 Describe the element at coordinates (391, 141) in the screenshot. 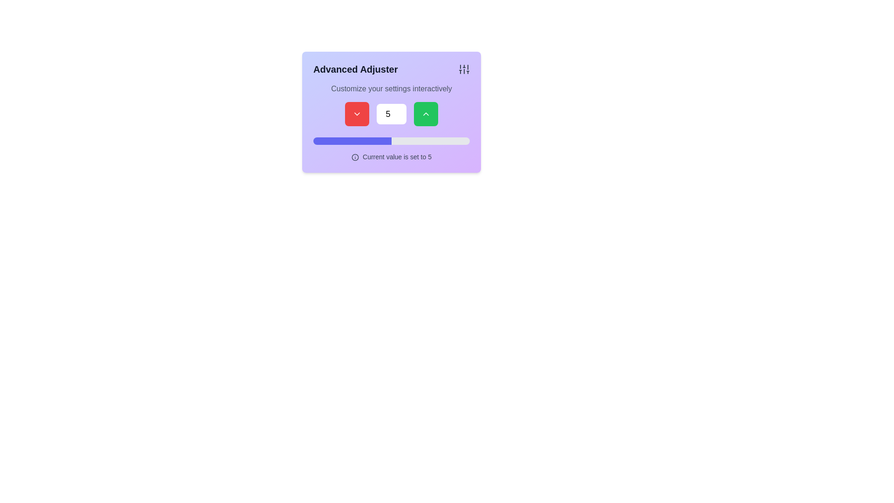

I see `the prominent horizontal progress bar with rounded ends, styled with an indigo left section and a gray right section, located below the numeric input box within the card` at that location.